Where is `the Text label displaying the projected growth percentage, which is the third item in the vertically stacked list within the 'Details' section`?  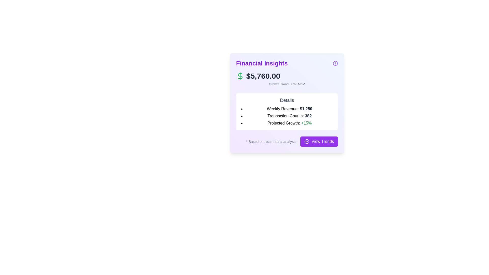
the Text label displaying the projected growth percentage, which is the third item in the vertically stacked list within the 'Details' section is located at coordinates (290, 123).